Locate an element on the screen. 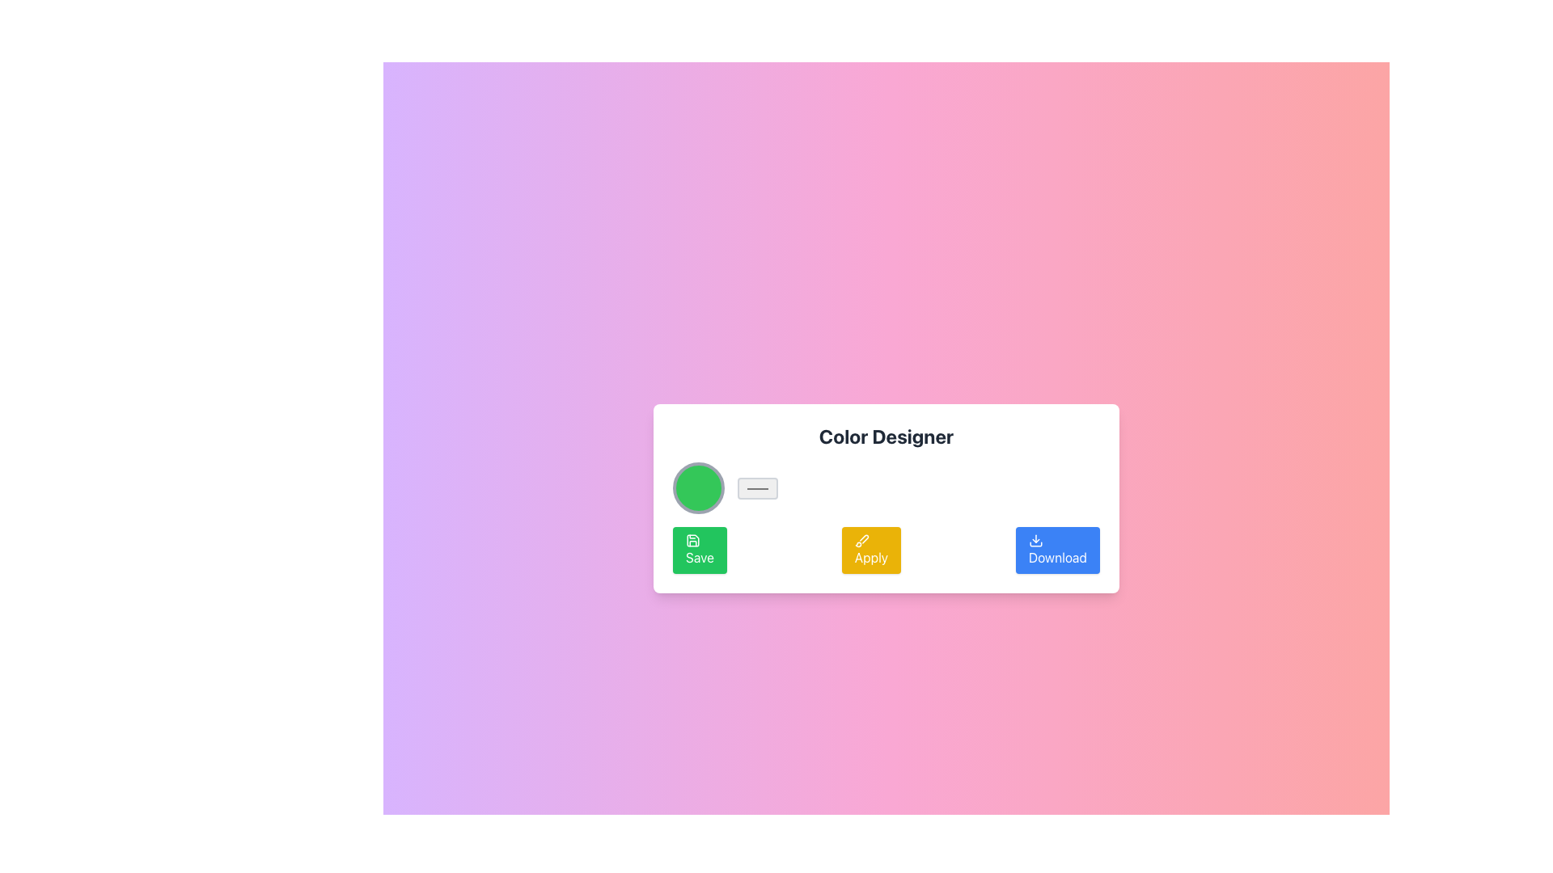 The width and height of the screenshot is (1553, 873). the 'Apply' button, which is the middle button in a horizontal row of three buttons labeled 'Save', 'Apply', and 'Download' located near the bottom center of the card labeled 'Color Designer' is located at coordinates (861, 540).